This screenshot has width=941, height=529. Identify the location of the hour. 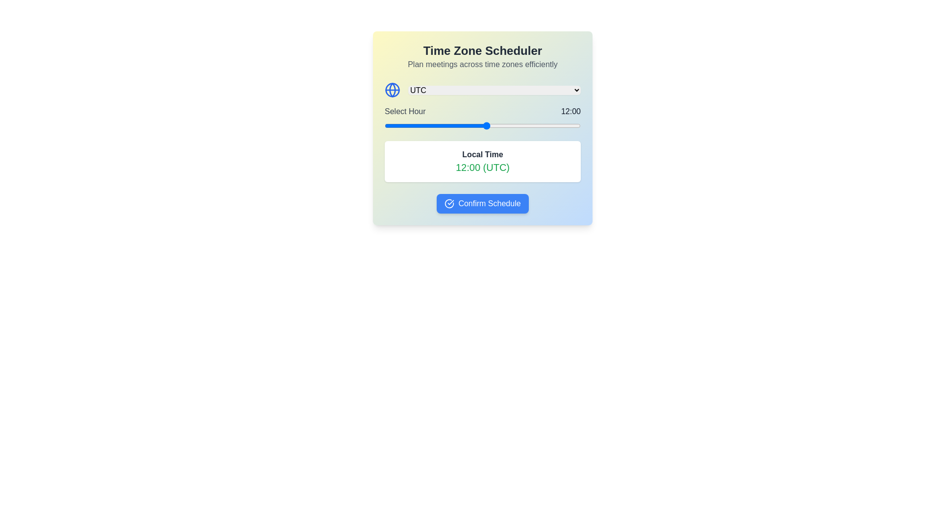
(427, 125).